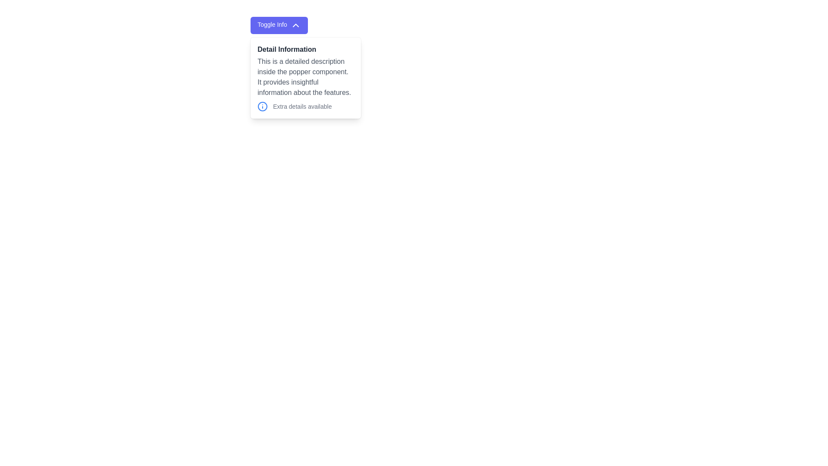  Describe the element at coordinates (262, 106) in the screenshot. I see `the circular Graphical Icon Element with a blue outline and white fill, located within the information icon's tooltip-like box below the 'Toggle Info' button` at that location.